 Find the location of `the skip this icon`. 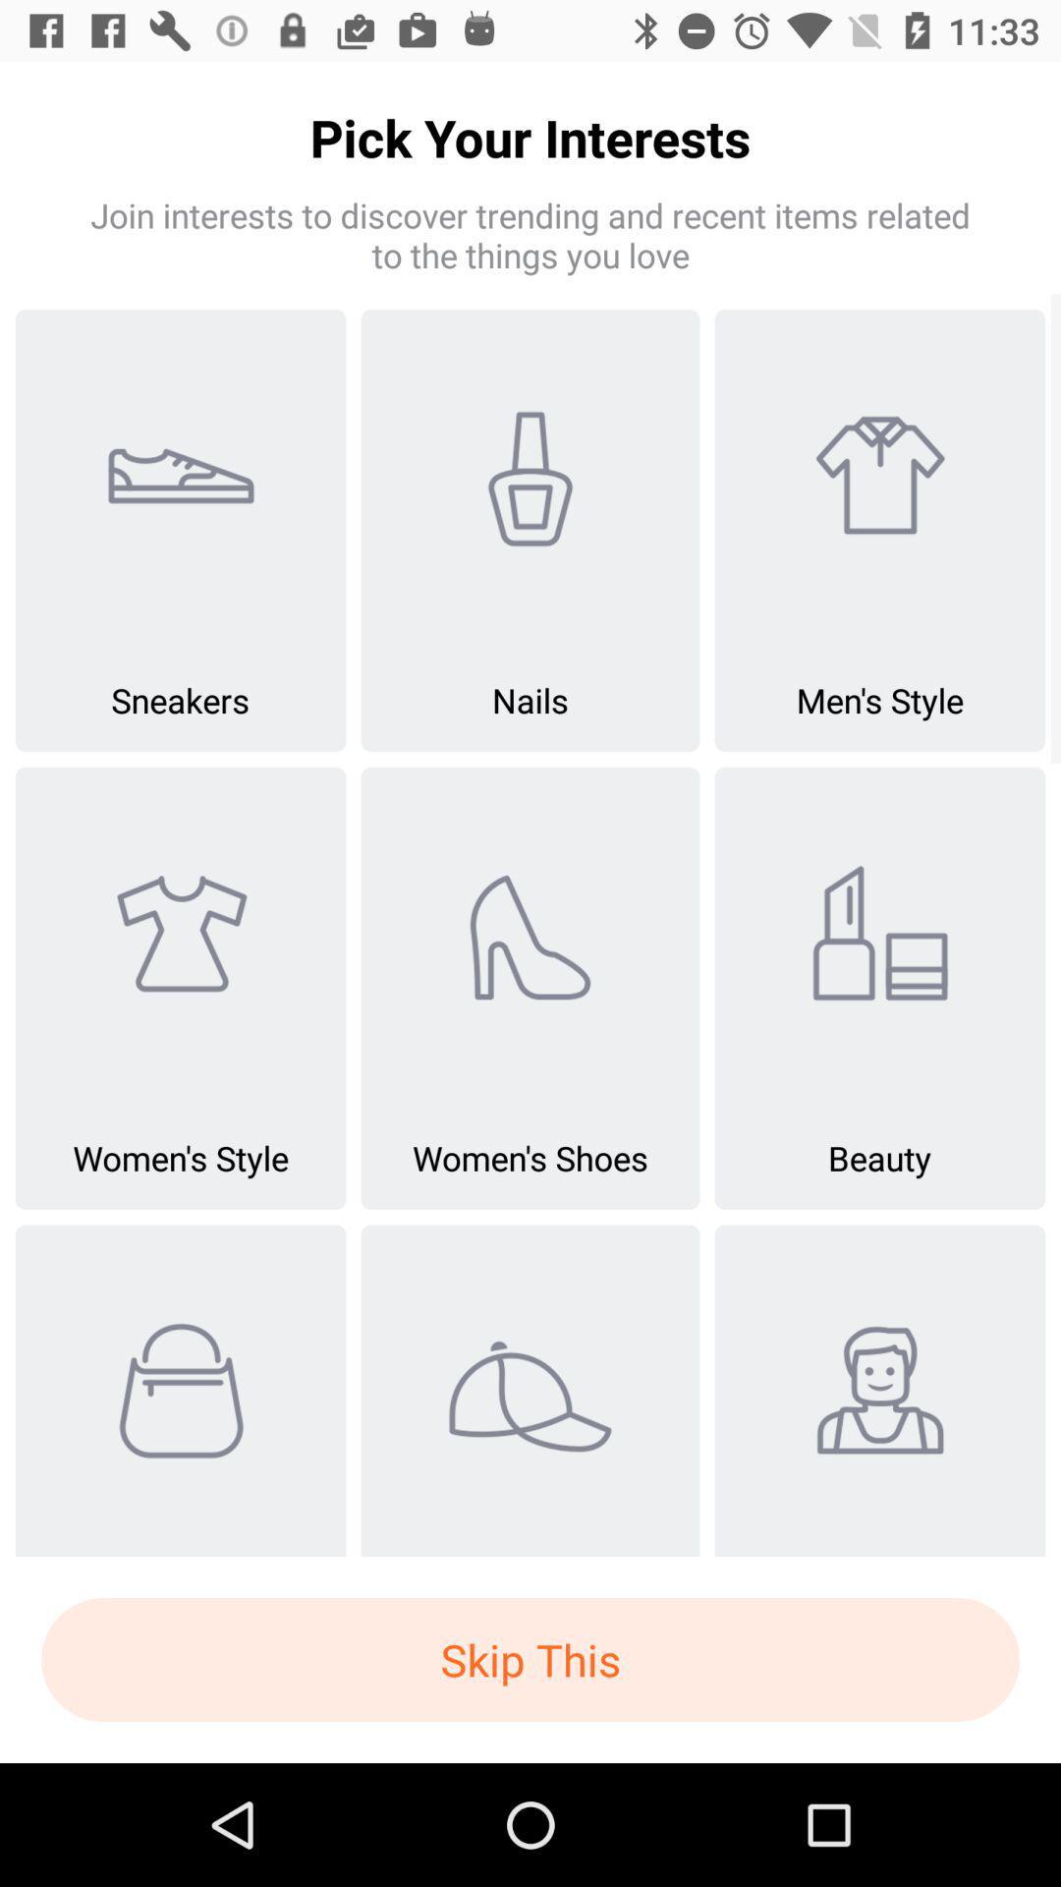

the skip this icon is located at coordinates (530, 1659).